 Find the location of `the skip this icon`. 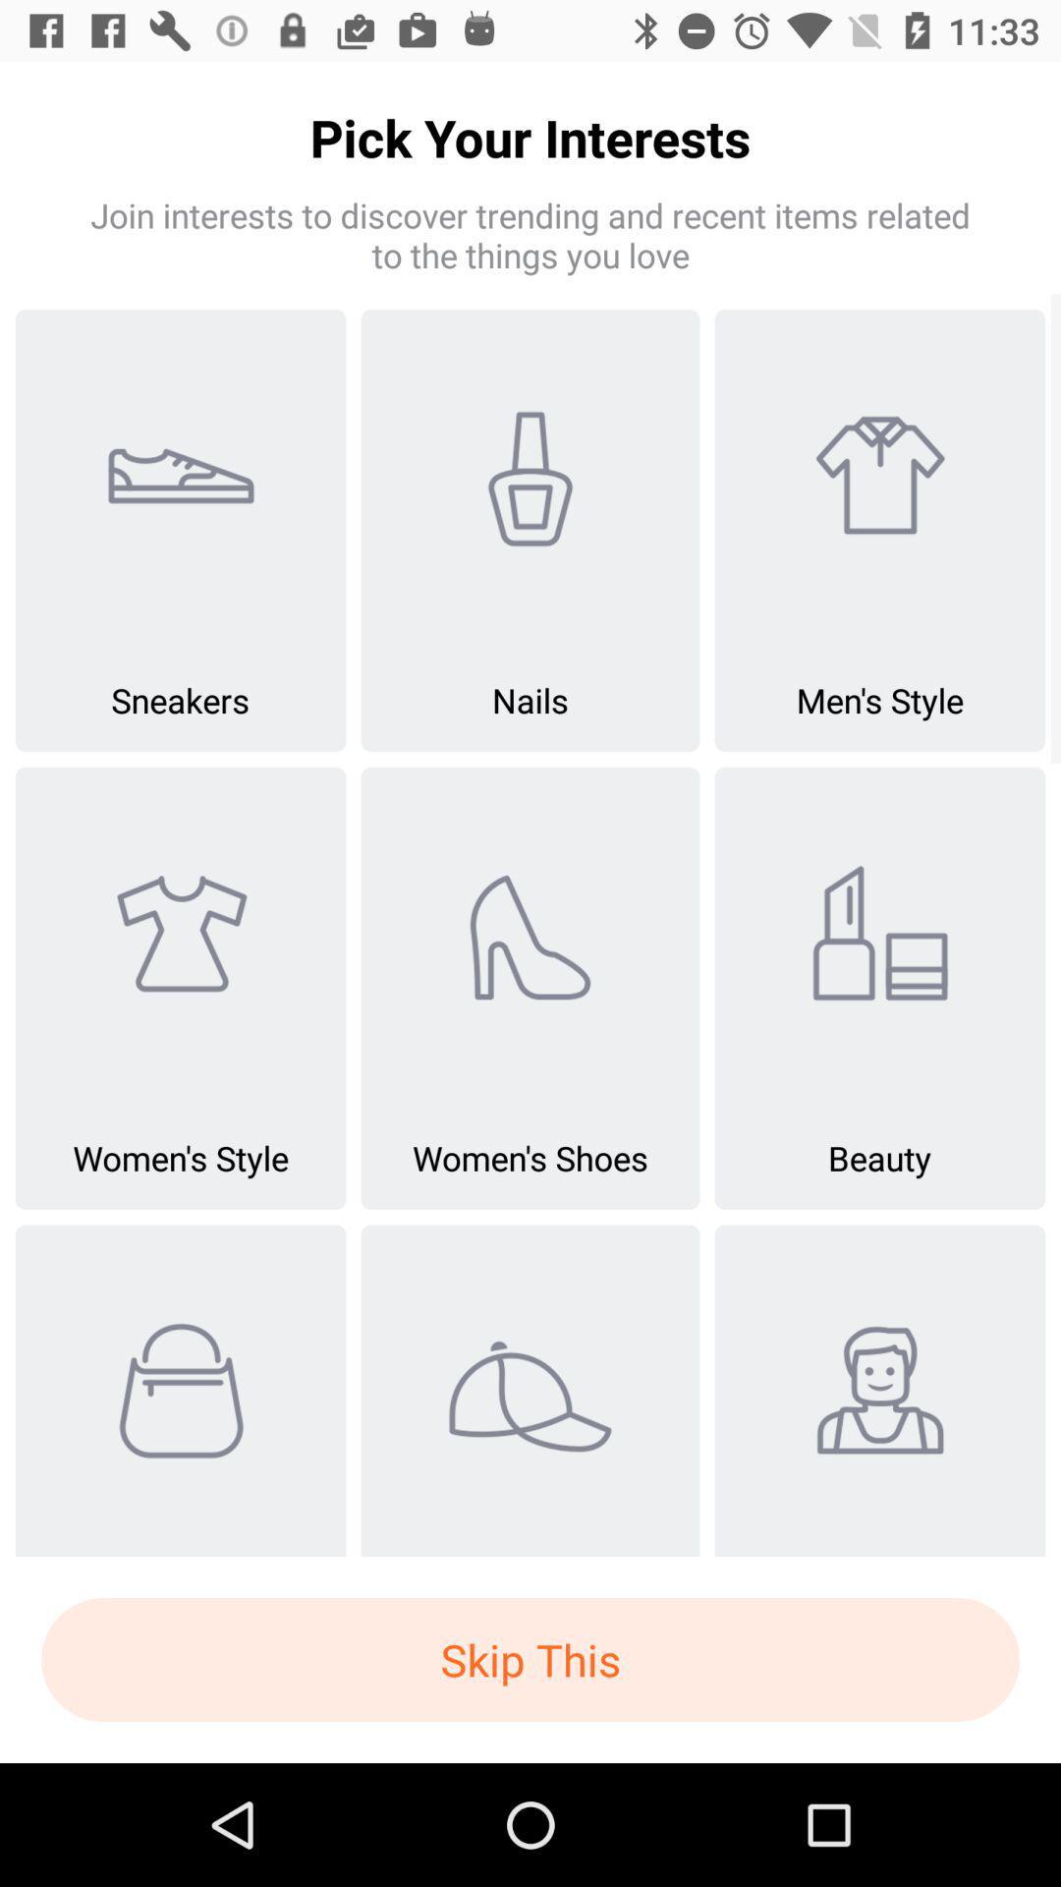

the skip this icon is located at coordinates (530, 1659).